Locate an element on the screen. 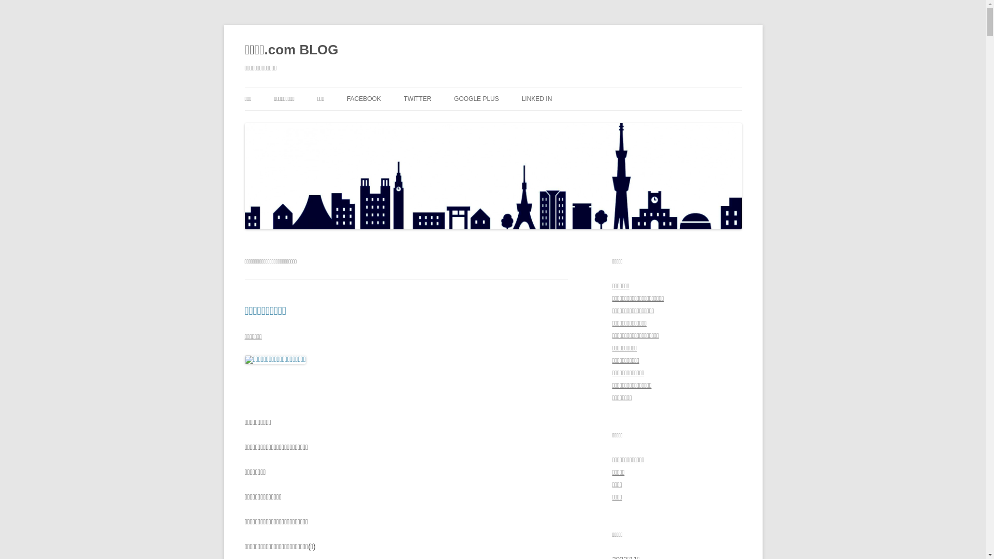  'GOOGLE PLUS' is located at coordinates (476, 99).